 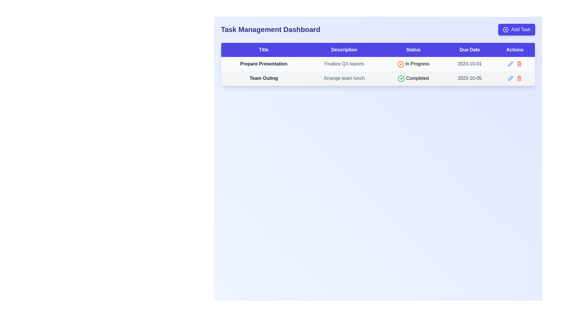 I want to click on the status icon, so click(x=400, y=64).